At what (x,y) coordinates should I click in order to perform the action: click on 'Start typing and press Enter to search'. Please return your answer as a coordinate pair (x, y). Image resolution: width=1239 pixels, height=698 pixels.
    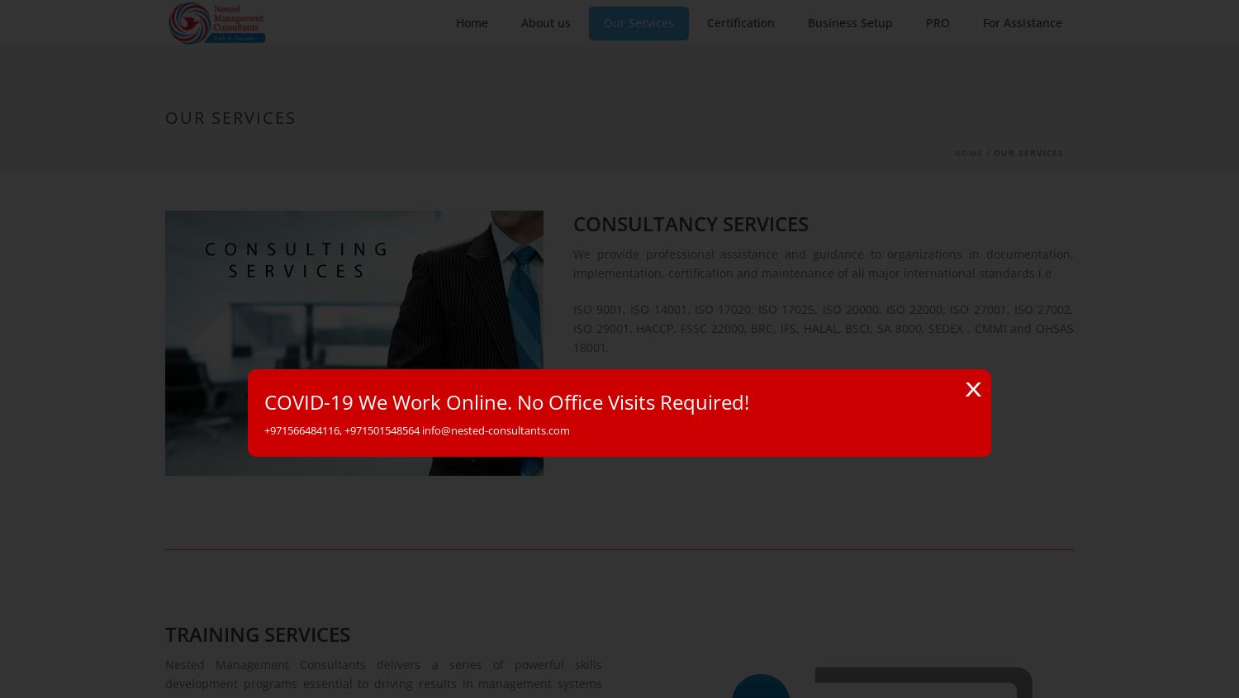
    Looking at the image, I should click on (619, 366).